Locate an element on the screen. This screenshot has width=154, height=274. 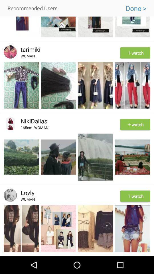
done > icon is located at coordinates (136, 8).